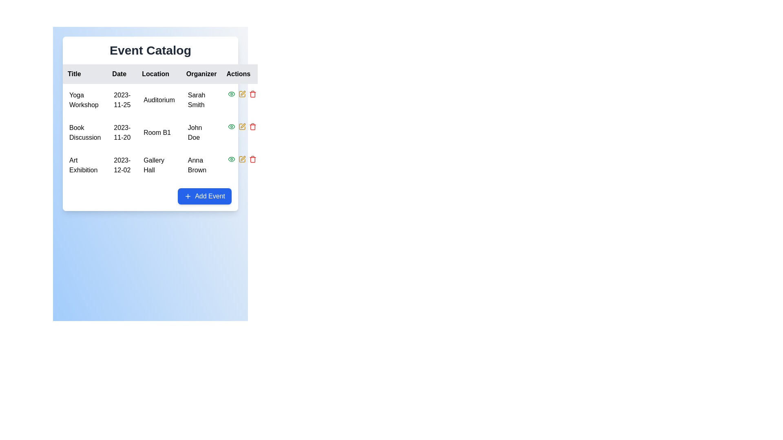  Describe the element at coordinates (231, 159) in the screenshot. I see `the SVG graphic element representing an icon in the third row under the Actions column of the table next to the 'Art Exhibition' entry` at that location.